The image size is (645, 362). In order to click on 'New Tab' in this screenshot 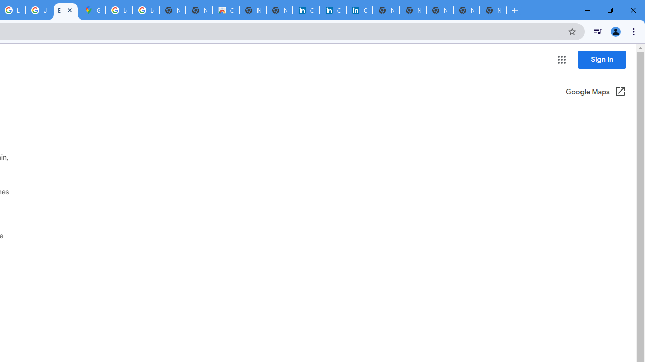, I will do `click(493, 10)`.